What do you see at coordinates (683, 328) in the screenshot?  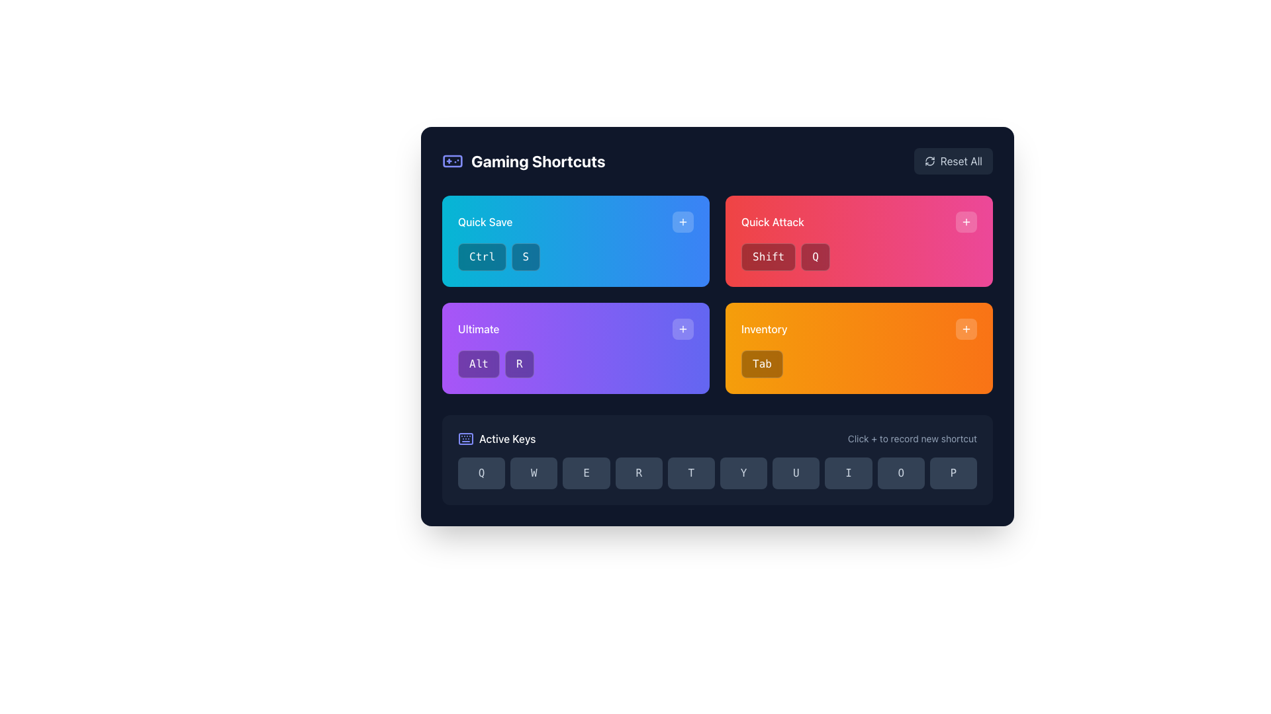 I see `the button located at the top-right corner inside the 'Ultimate' shortcut box labeled 'Alt + R' to observe the hover effect` at bounding box center [683, 328].